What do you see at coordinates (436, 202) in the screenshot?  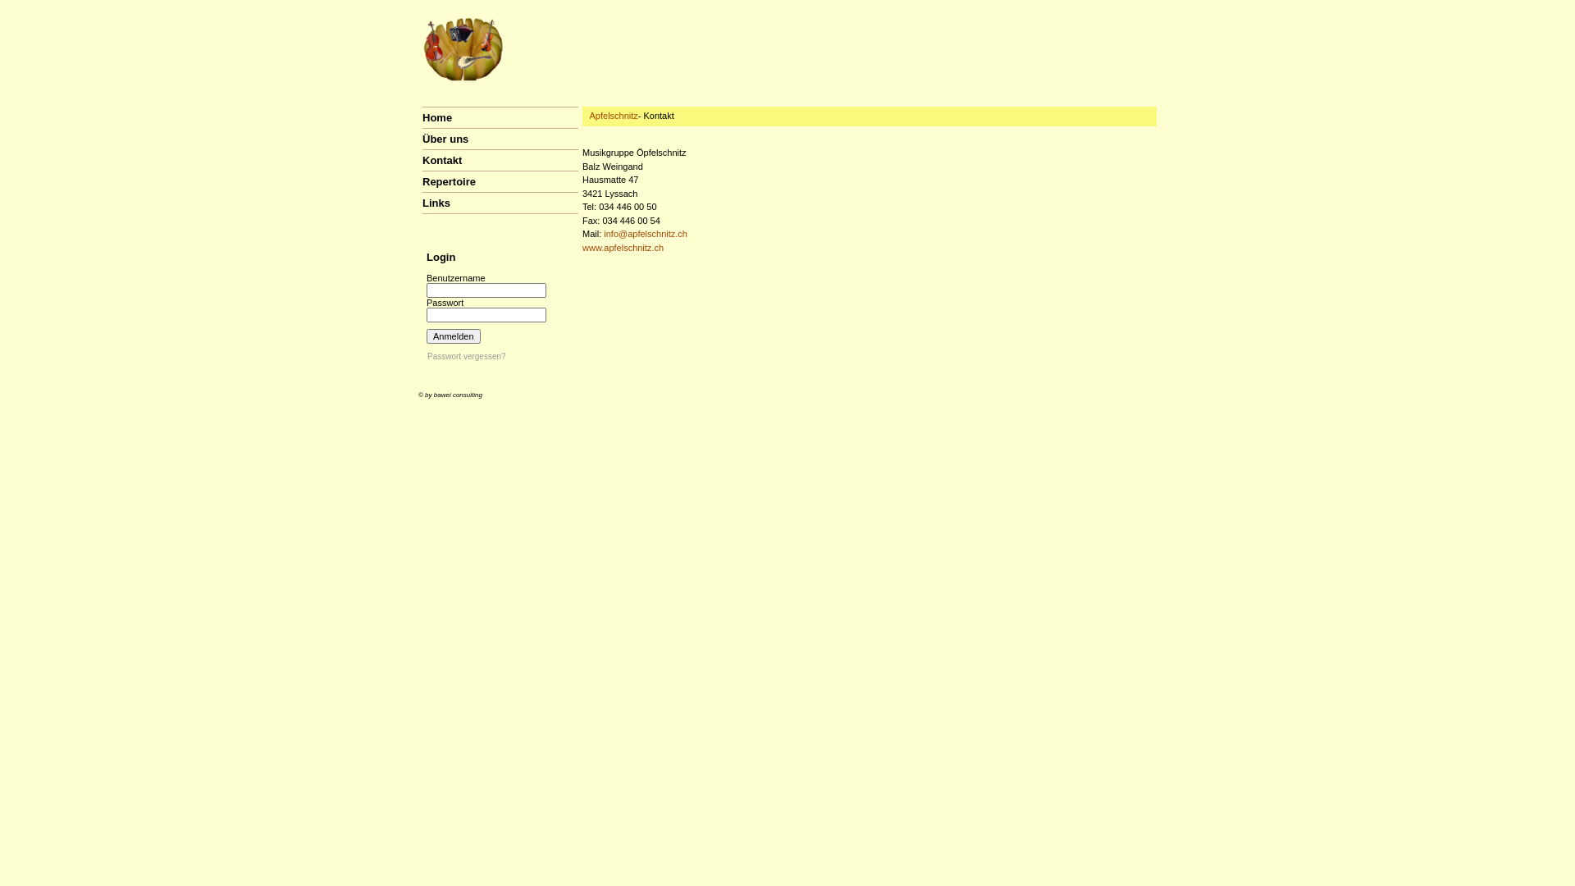 I see `'Links'` at bounding box center [436, 202].